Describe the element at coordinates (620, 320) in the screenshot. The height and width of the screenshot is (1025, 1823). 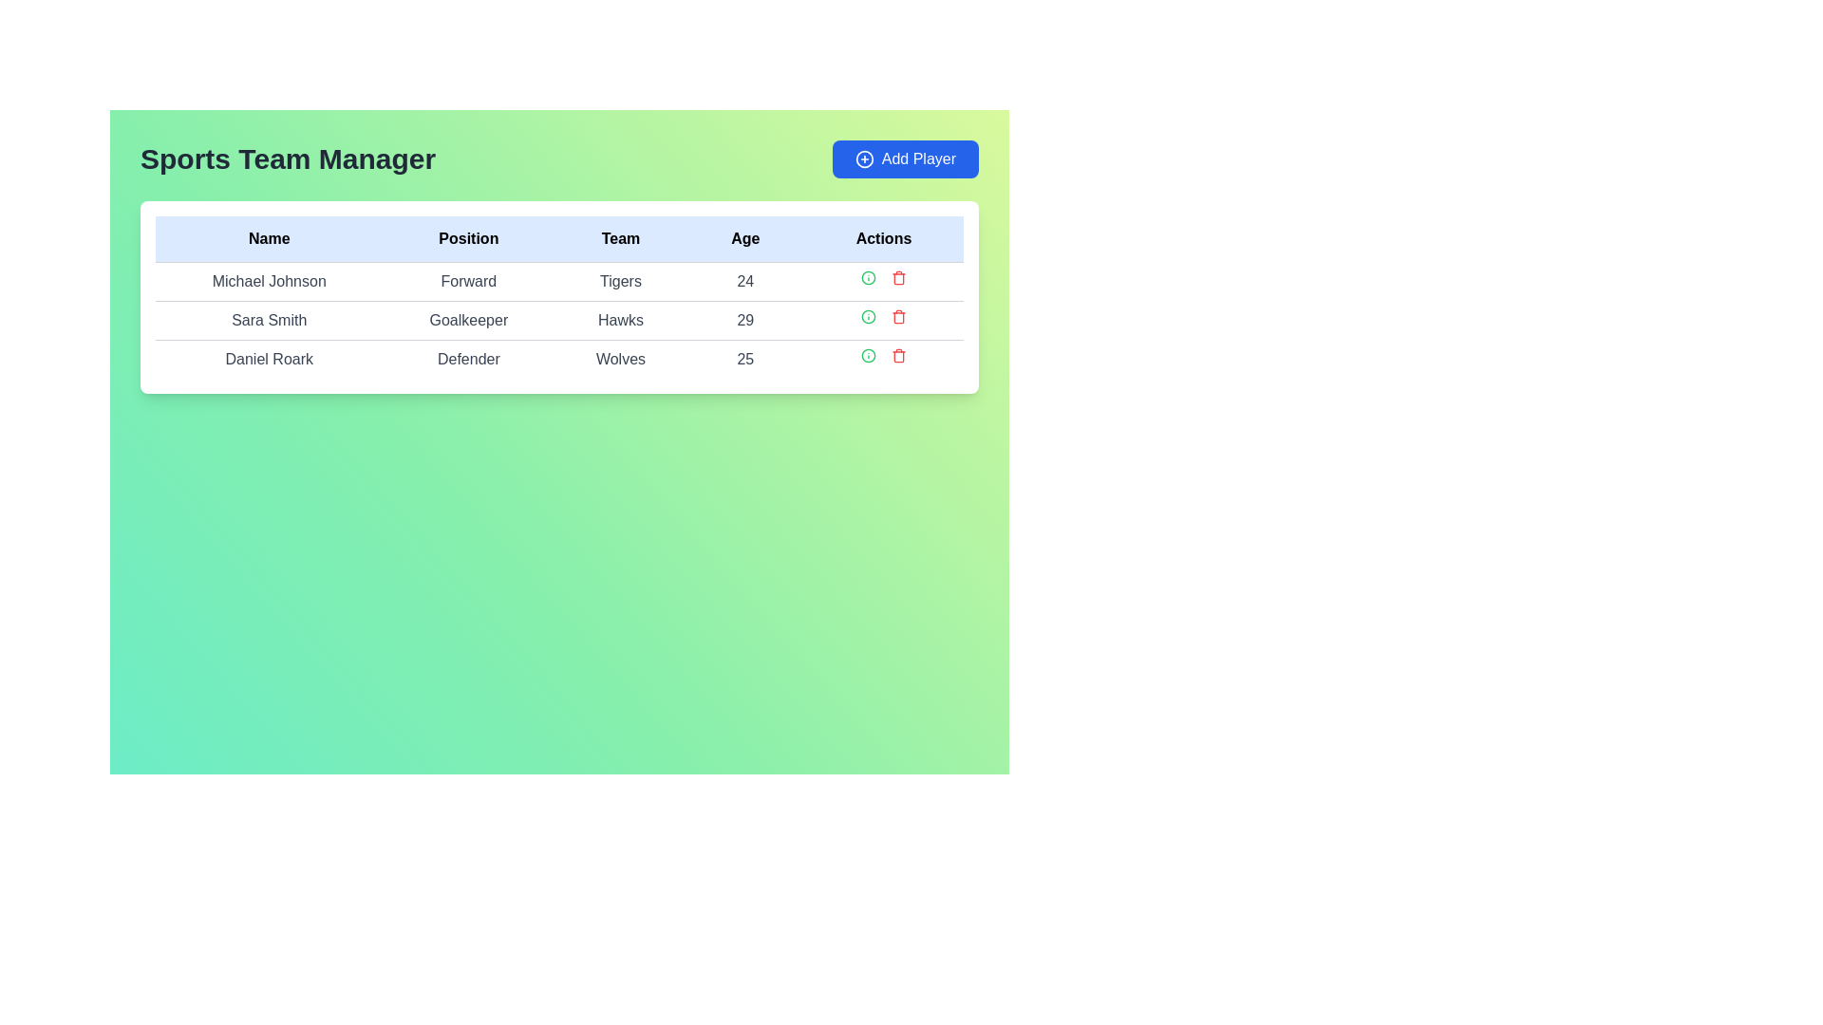
I see `the Text label displaying the team name for 'Sara Smith', which is the third entry in the corresponding table row, located in the 'Team' column between the 'Goalkeeper' and '29' cells` at that location.